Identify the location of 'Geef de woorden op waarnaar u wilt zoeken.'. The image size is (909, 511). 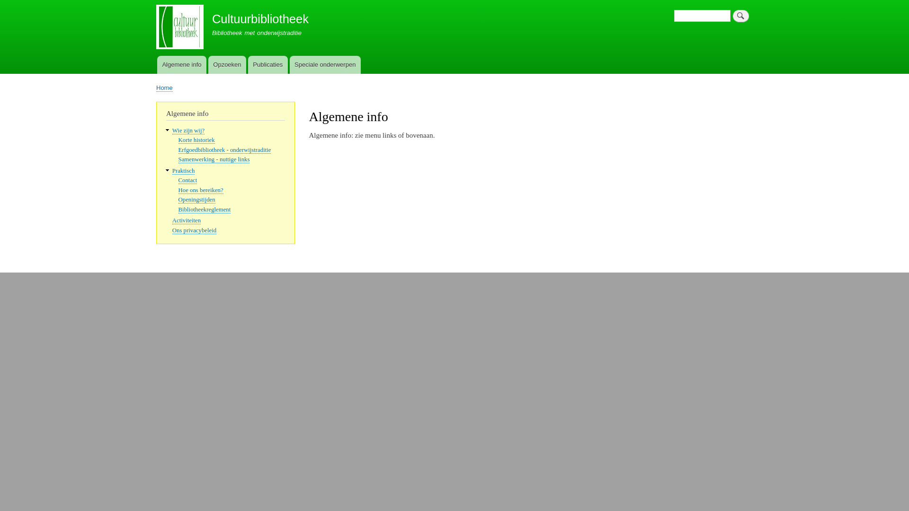
(702, 16).